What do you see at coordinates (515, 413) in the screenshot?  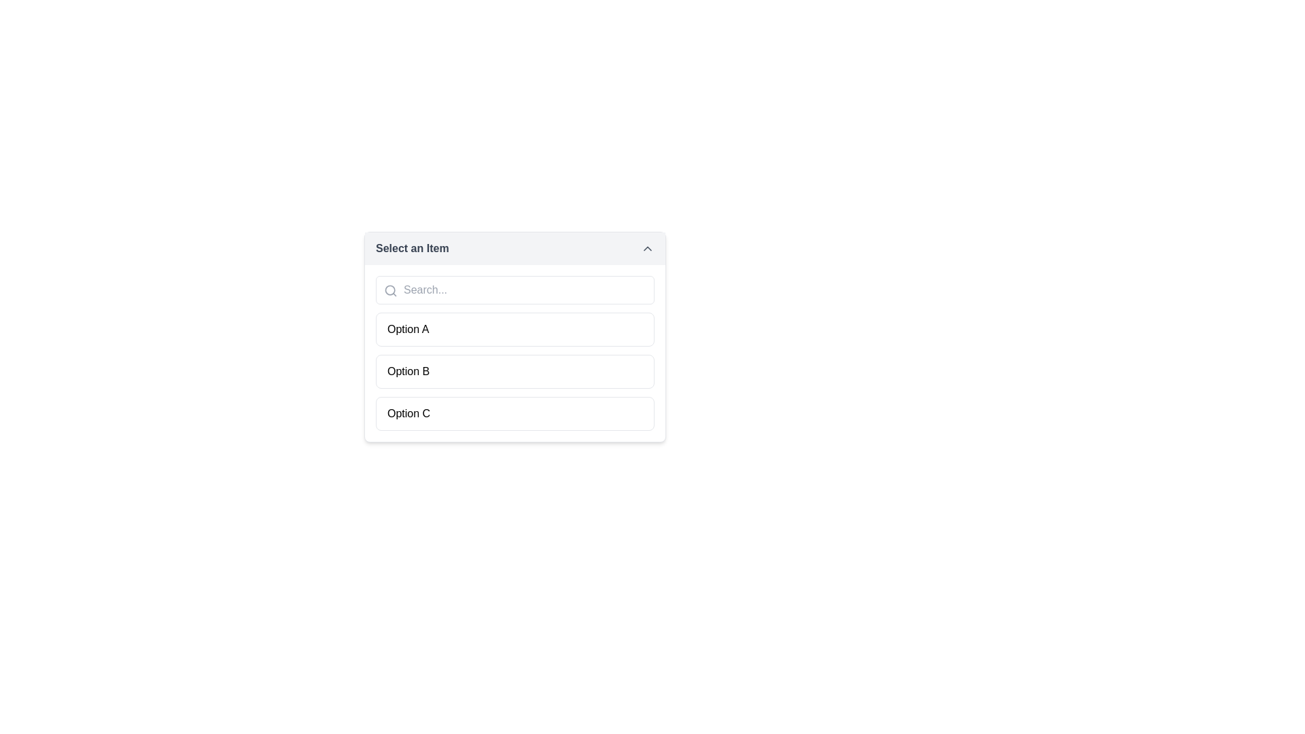 I see `the button labeled 'Option C', which is a rectangular component with rounded corners, white background, and thin border, located below 'Option A' and 'Option B'` at bounding box center [515, 413].